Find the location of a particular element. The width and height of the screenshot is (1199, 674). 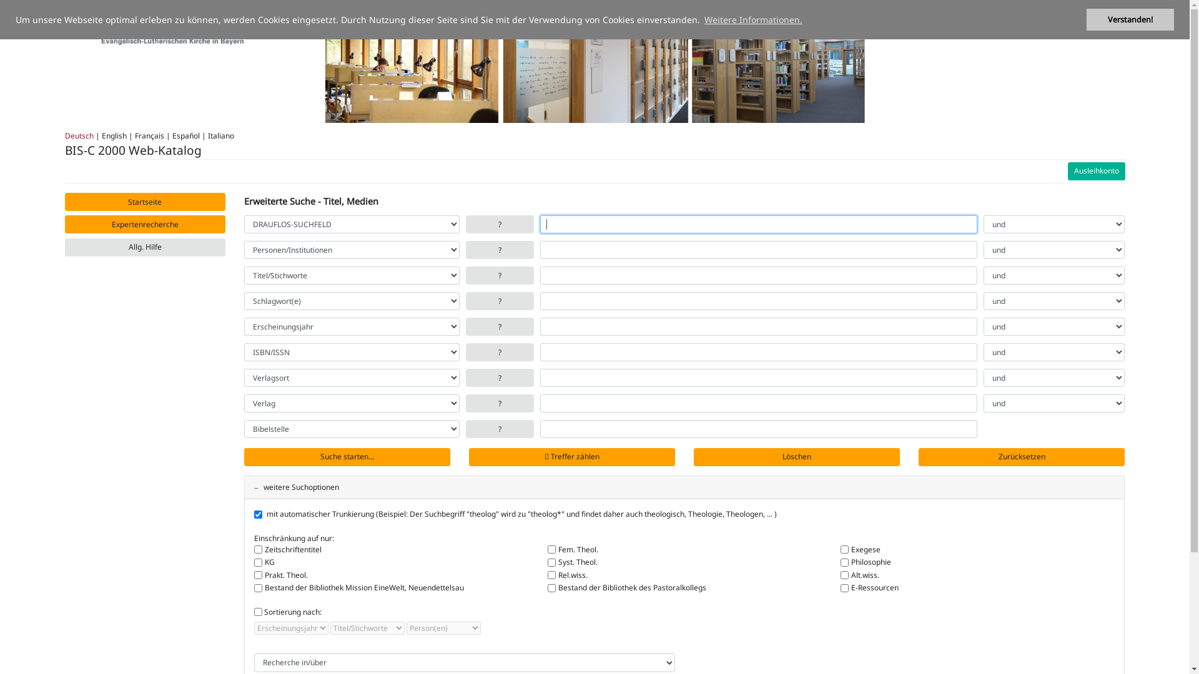

'Weitere Informationen.' is located at coordinates (752, 19).